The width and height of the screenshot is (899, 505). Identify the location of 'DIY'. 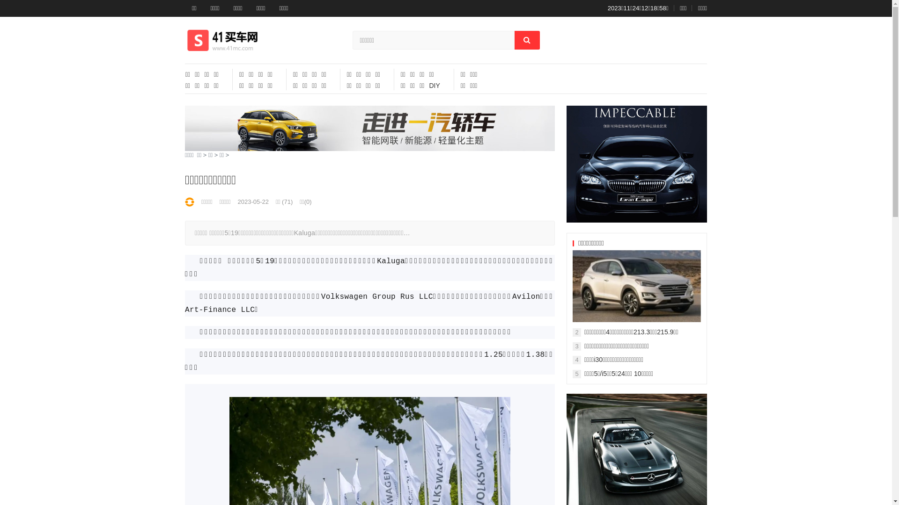
(426, 85).